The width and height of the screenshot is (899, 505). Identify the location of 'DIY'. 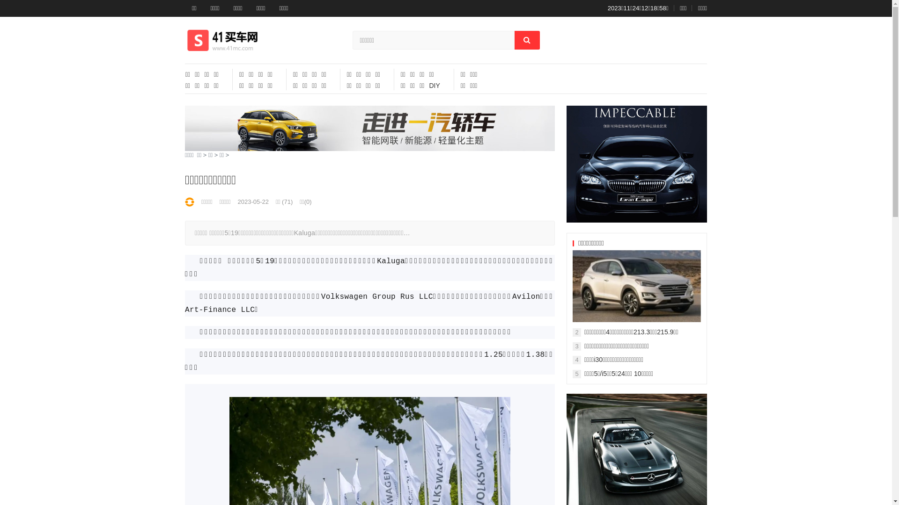
(426, 85).